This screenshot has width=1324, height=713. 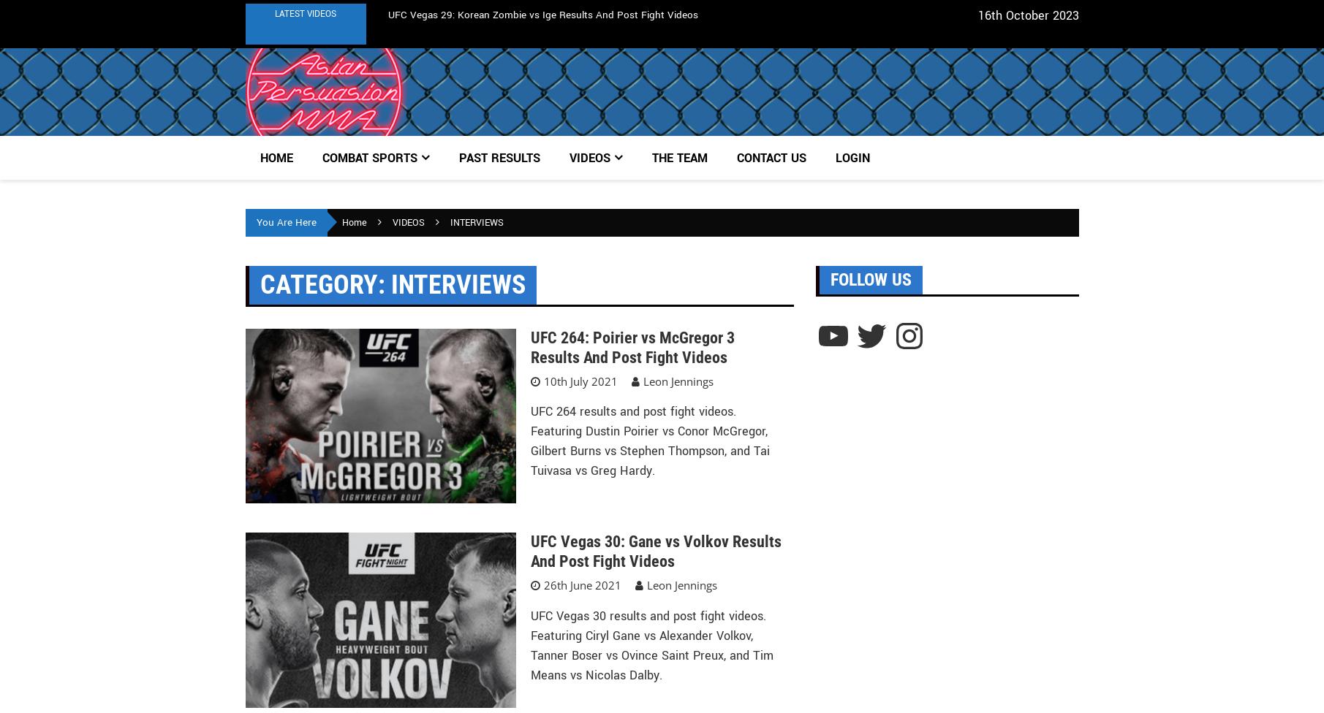 I want to click on '16th October 2023', so click(x=1027, y=15).